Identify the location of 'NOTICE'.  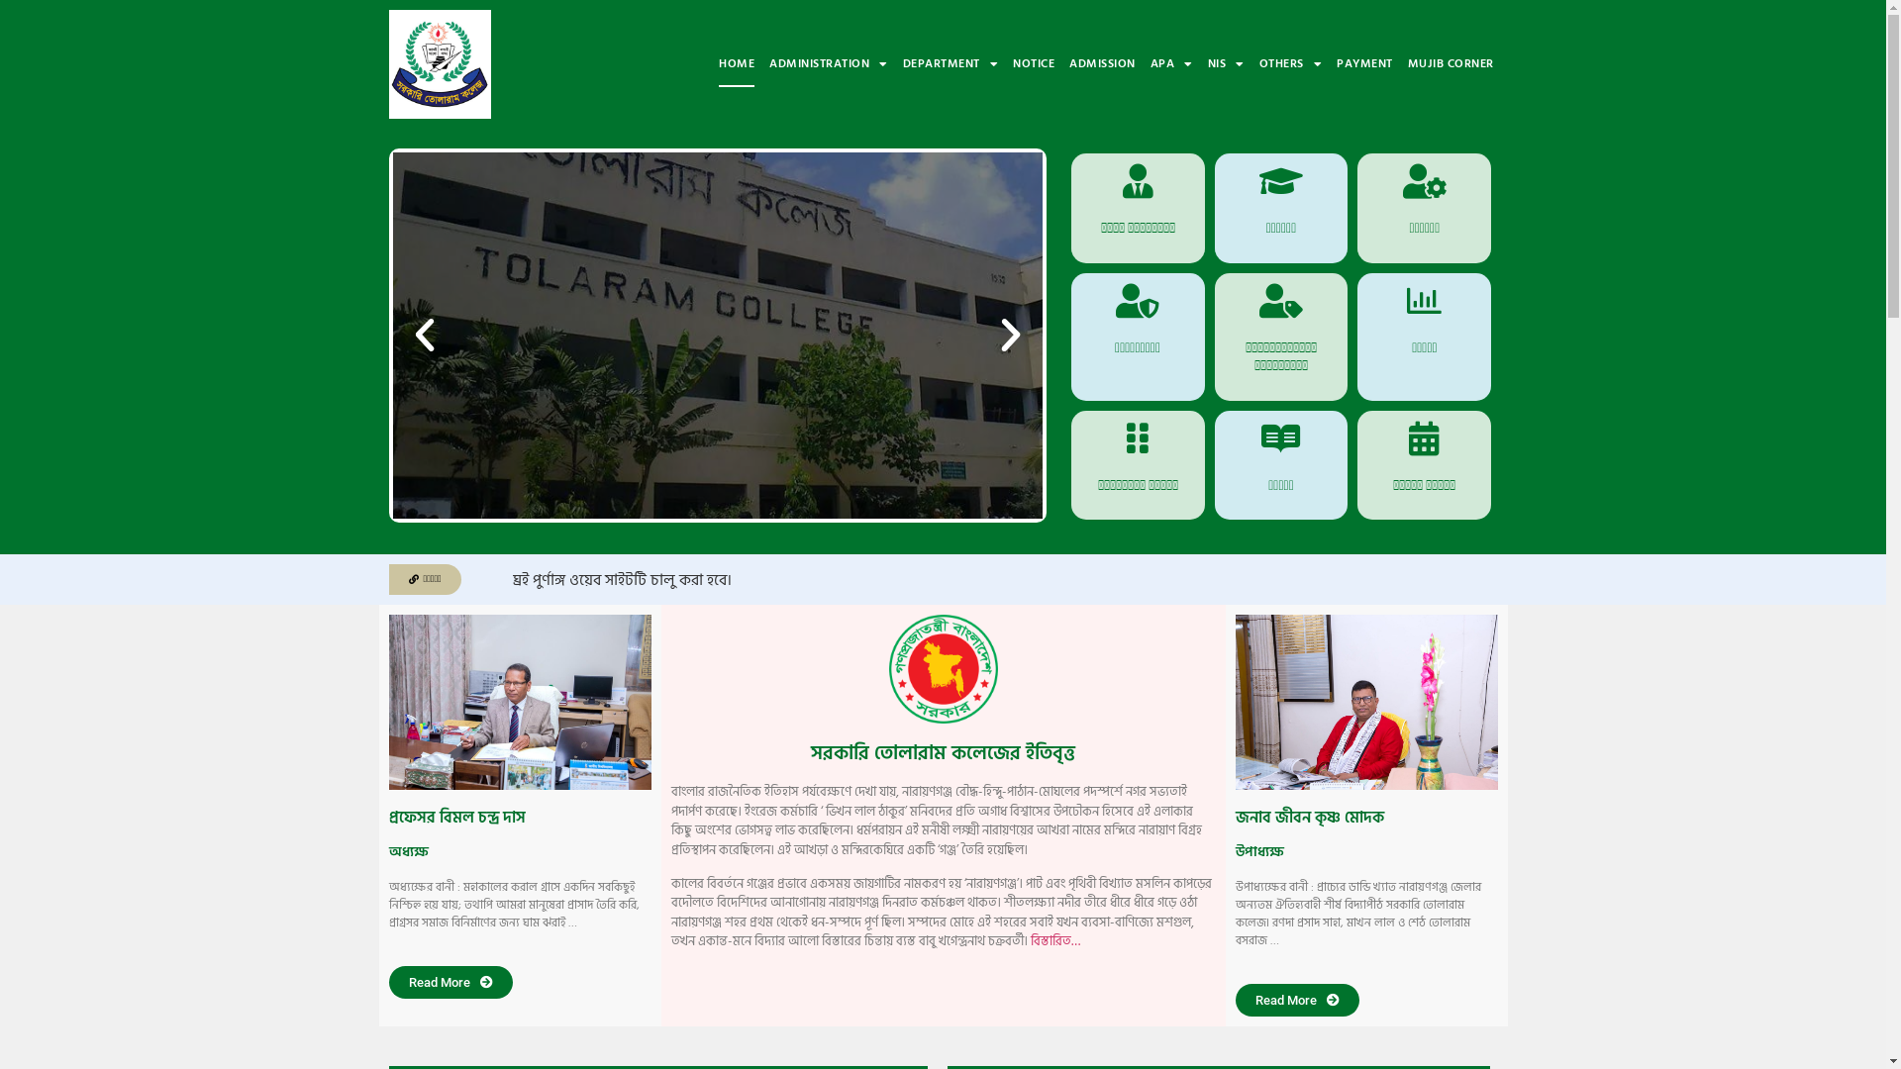
(1012, 63).